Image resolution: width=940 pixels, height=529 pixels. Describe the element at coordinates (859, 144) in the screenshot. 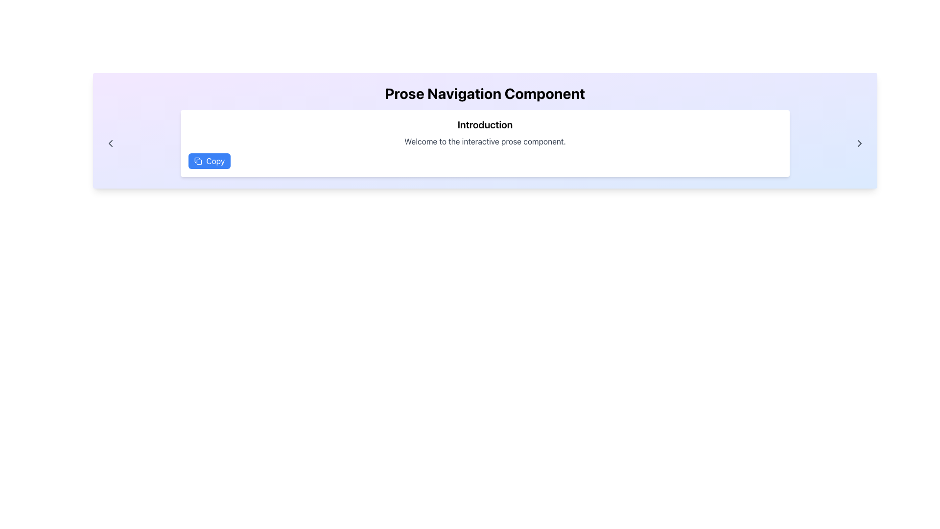

I see `the right-facing arrow button with a thin, outlined chevron style located at the far right end of the layout to proceed to the next page` at that location.